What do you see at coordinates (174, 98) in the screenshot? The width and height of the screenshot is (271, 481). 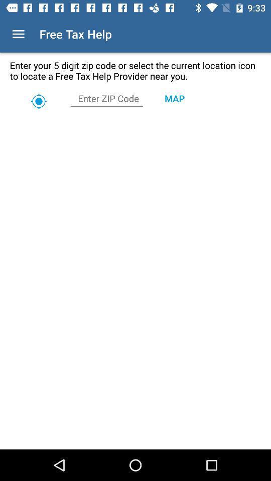 I see `the map` at bounding box center [174, 98].